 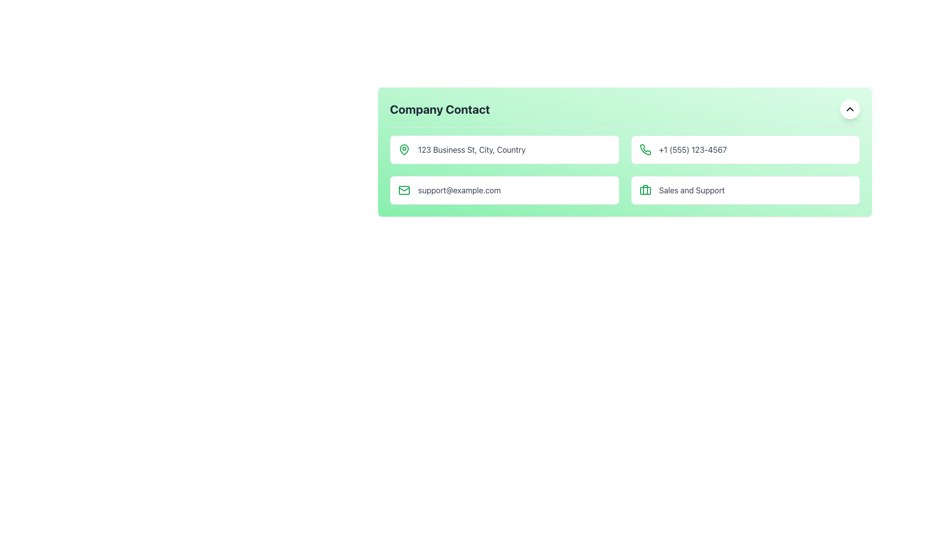 I want to click on the Decorative Icon Component, which is a vertical line with curves at both ends inside a green suitcase icon, located next to the text 'Sales and Support', so click(x=645, y=190).